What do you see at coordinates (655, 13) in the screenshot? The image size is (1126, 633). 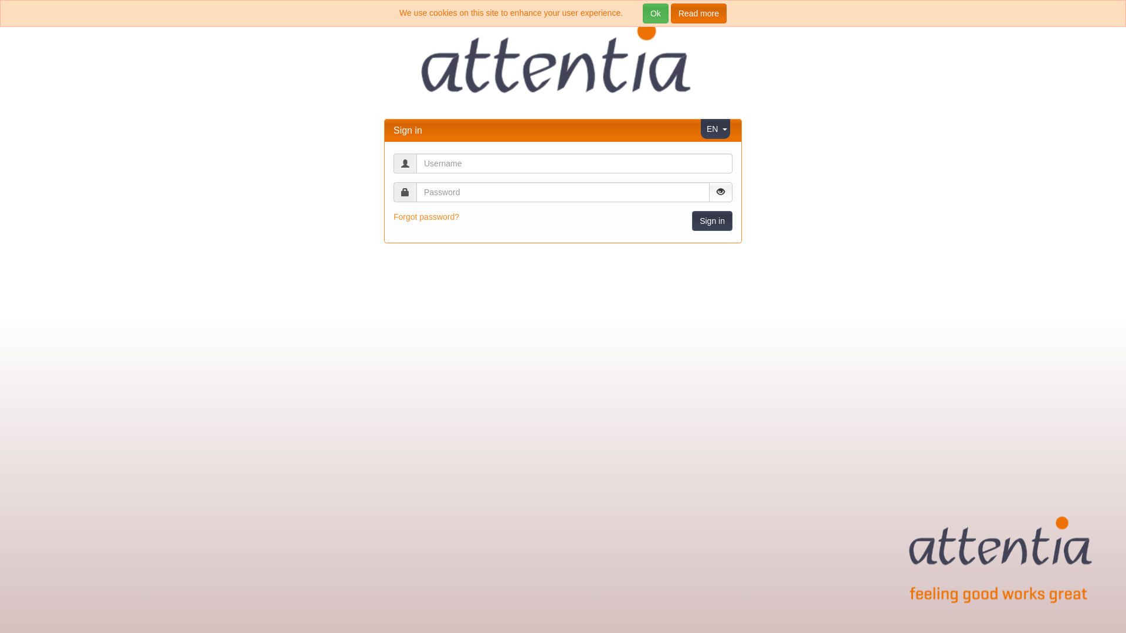 I see `'Ok'` at bounding box center [655, 13].